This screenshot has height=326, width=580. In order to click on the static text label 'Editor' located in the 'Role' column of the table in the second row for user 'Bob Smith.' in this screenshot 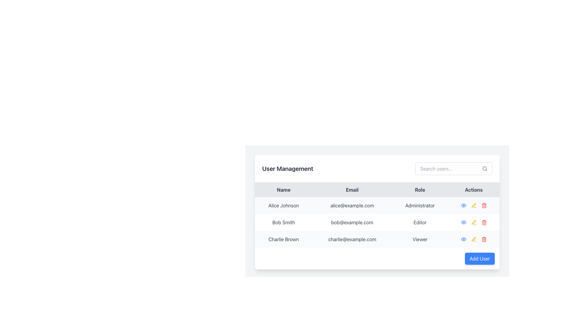, I will do `click(420, 222)`.